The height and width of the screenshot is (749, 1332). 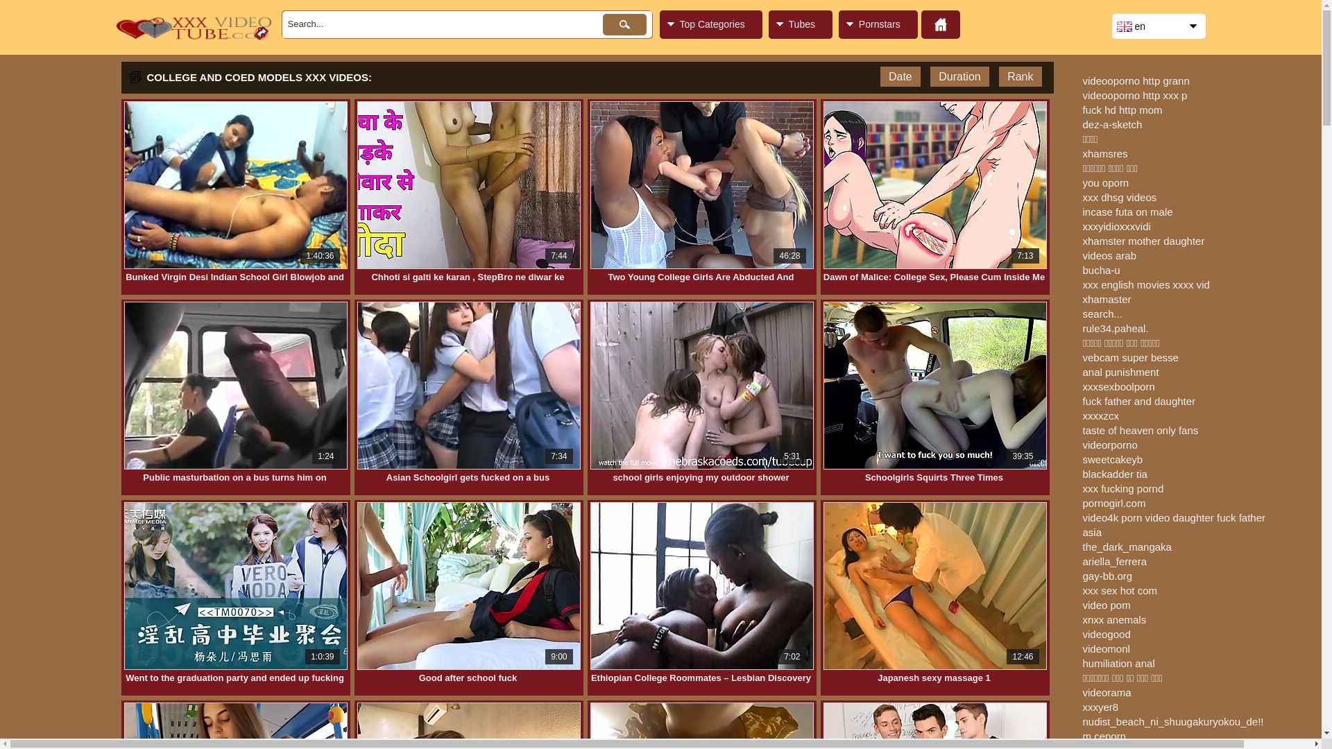 What do you see at coordinates (1143, 240) in the screenshot?
I see `'xhamster mother daughter'` at bounding box center [1143, 240].